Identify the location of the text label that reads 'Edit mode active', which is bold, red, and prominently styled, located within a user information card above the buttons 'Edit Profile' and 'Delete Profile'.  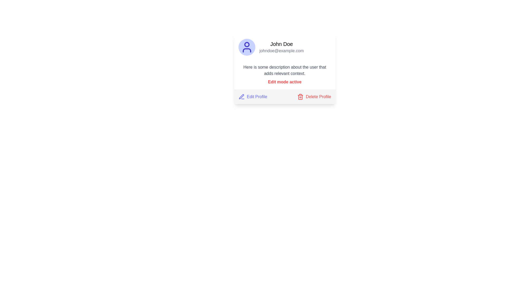
(284, 82).